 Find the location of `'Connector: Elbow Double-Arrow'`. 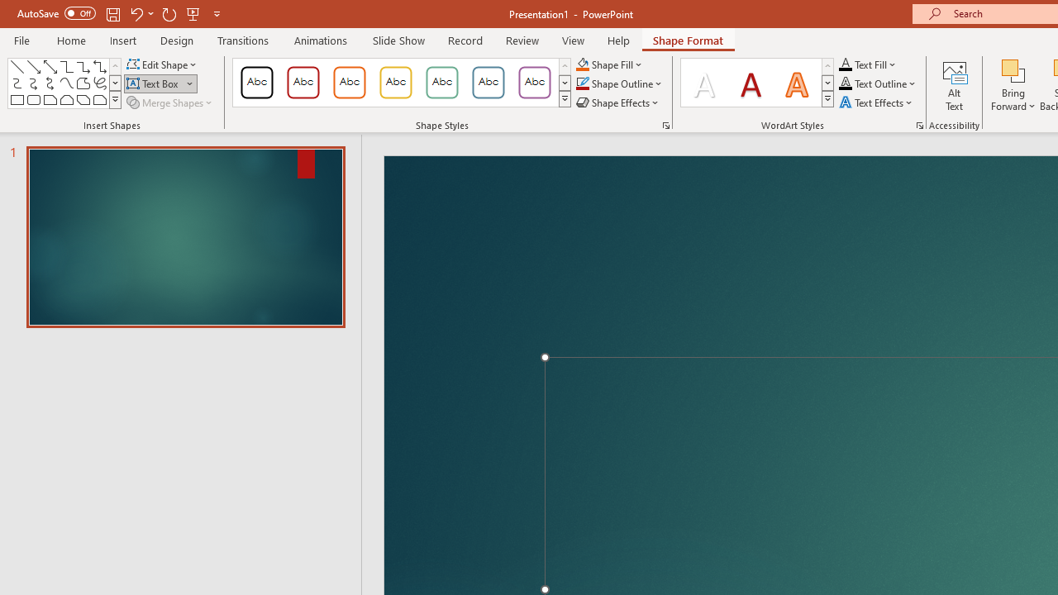

'Connector: Elbow Double-Arrow' is located at coordinates (98, 66).